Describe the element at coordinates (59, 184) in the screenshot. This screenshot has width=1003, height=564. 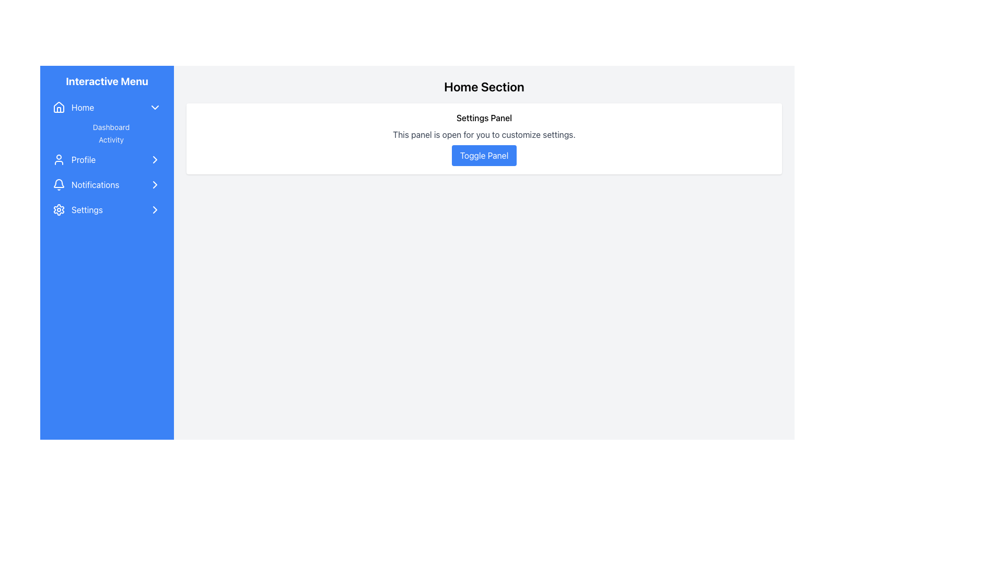
I see `the Notifications icon, which is located on the left-hand side navigation menu, immediately to the left of the 'Notifications' text` at that location.